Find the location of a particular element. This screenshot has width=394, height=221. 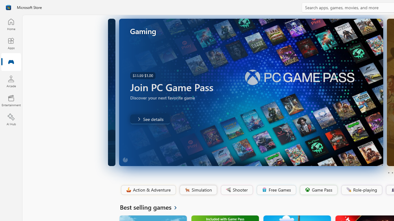

'Gaming' is located at coordinates (11, 62).